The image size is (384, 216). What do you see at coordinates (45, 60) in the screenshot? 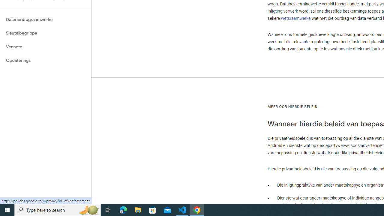
I see `'Opdaterings'` at bounding box center [45, 60].